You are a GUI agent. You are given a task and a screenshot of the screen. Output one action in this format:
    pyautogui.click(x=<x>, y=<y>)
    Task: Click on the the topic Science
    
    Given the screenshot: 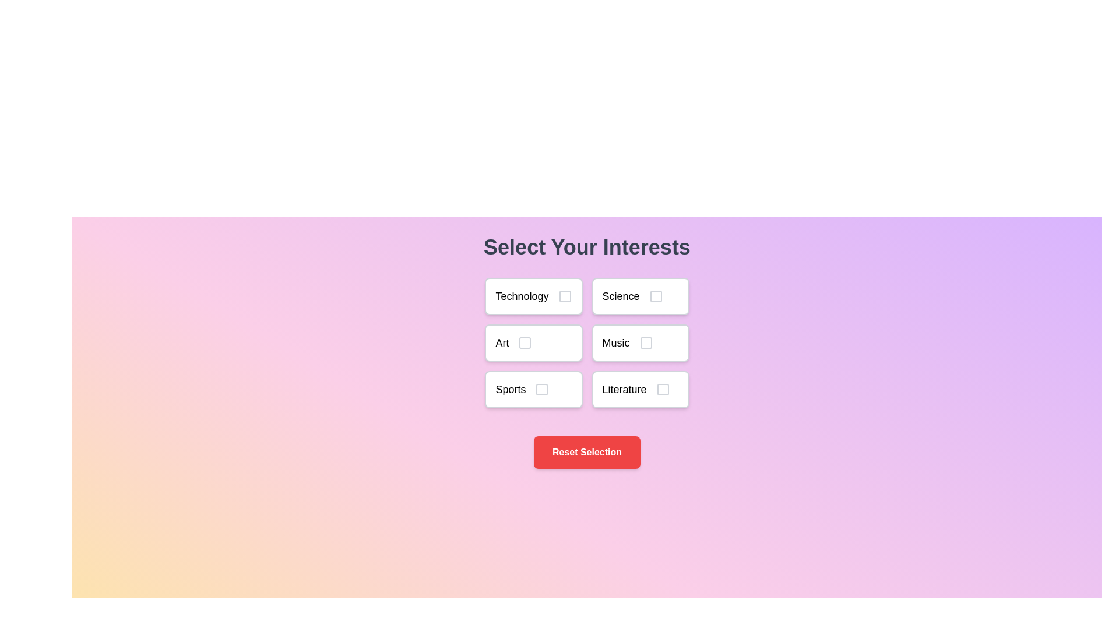 What is the action you would take?
    pyautogui.click(x=640, y=296)
    